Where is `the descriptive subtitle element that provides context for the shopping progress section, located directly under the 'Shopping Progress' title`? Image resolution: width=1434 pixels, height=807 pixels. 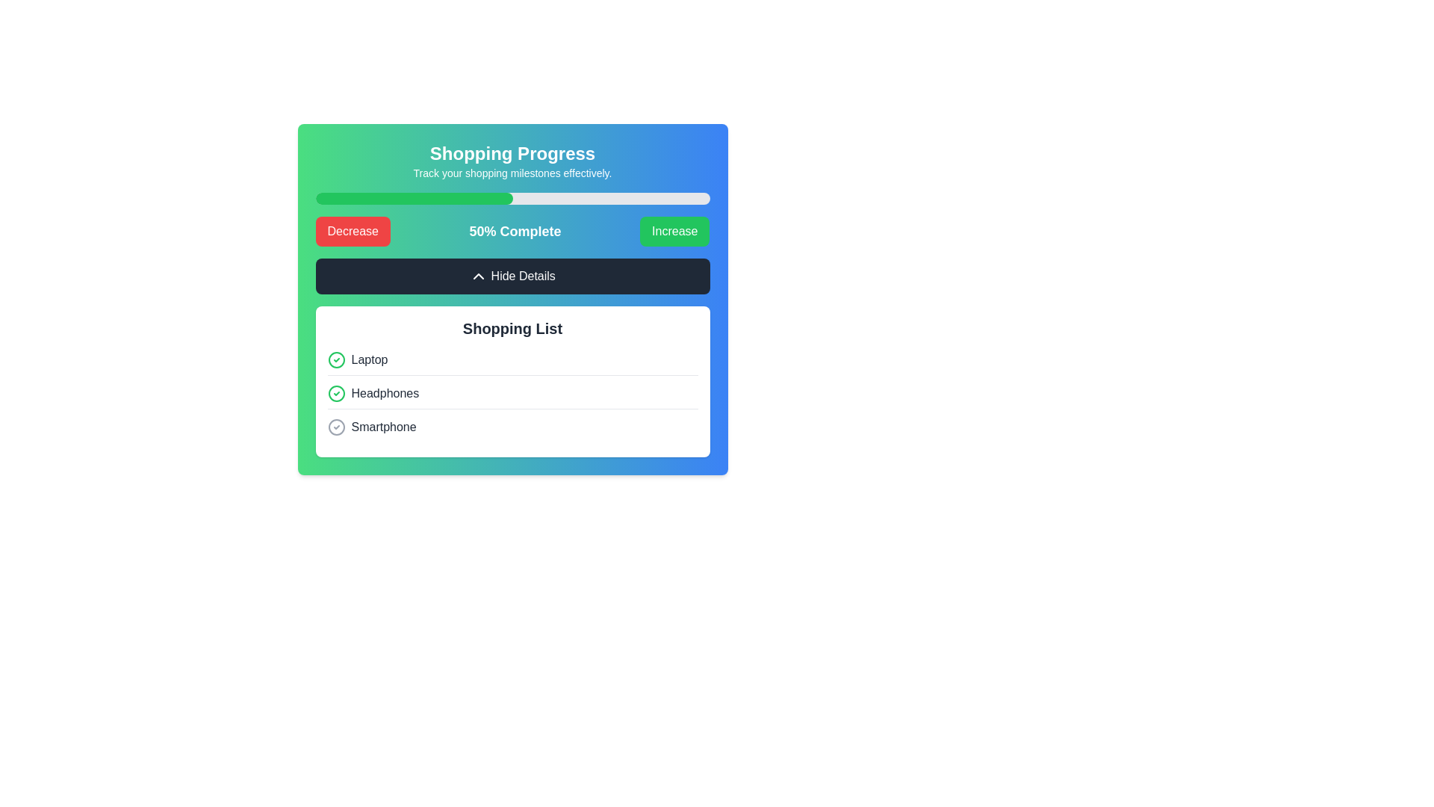 the descriptive subtitle element that provides context for the shopping progress section, located directly under the 'Shopping Progress' title is located at coordinates (512, 172).